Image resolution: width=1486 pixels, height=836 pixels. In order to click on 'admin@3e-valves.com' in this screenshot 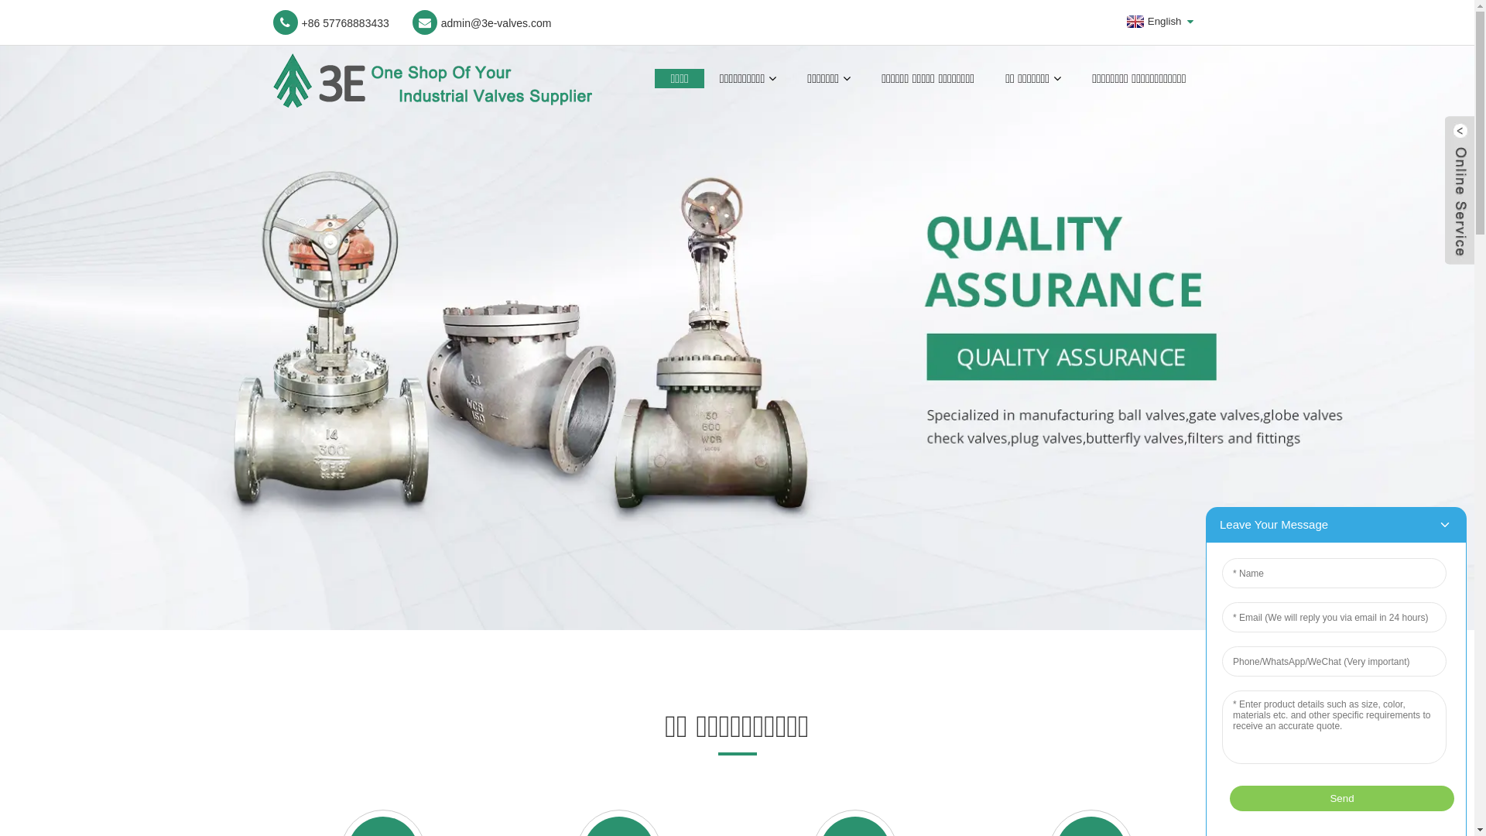, I will do `click(481, 22)`.